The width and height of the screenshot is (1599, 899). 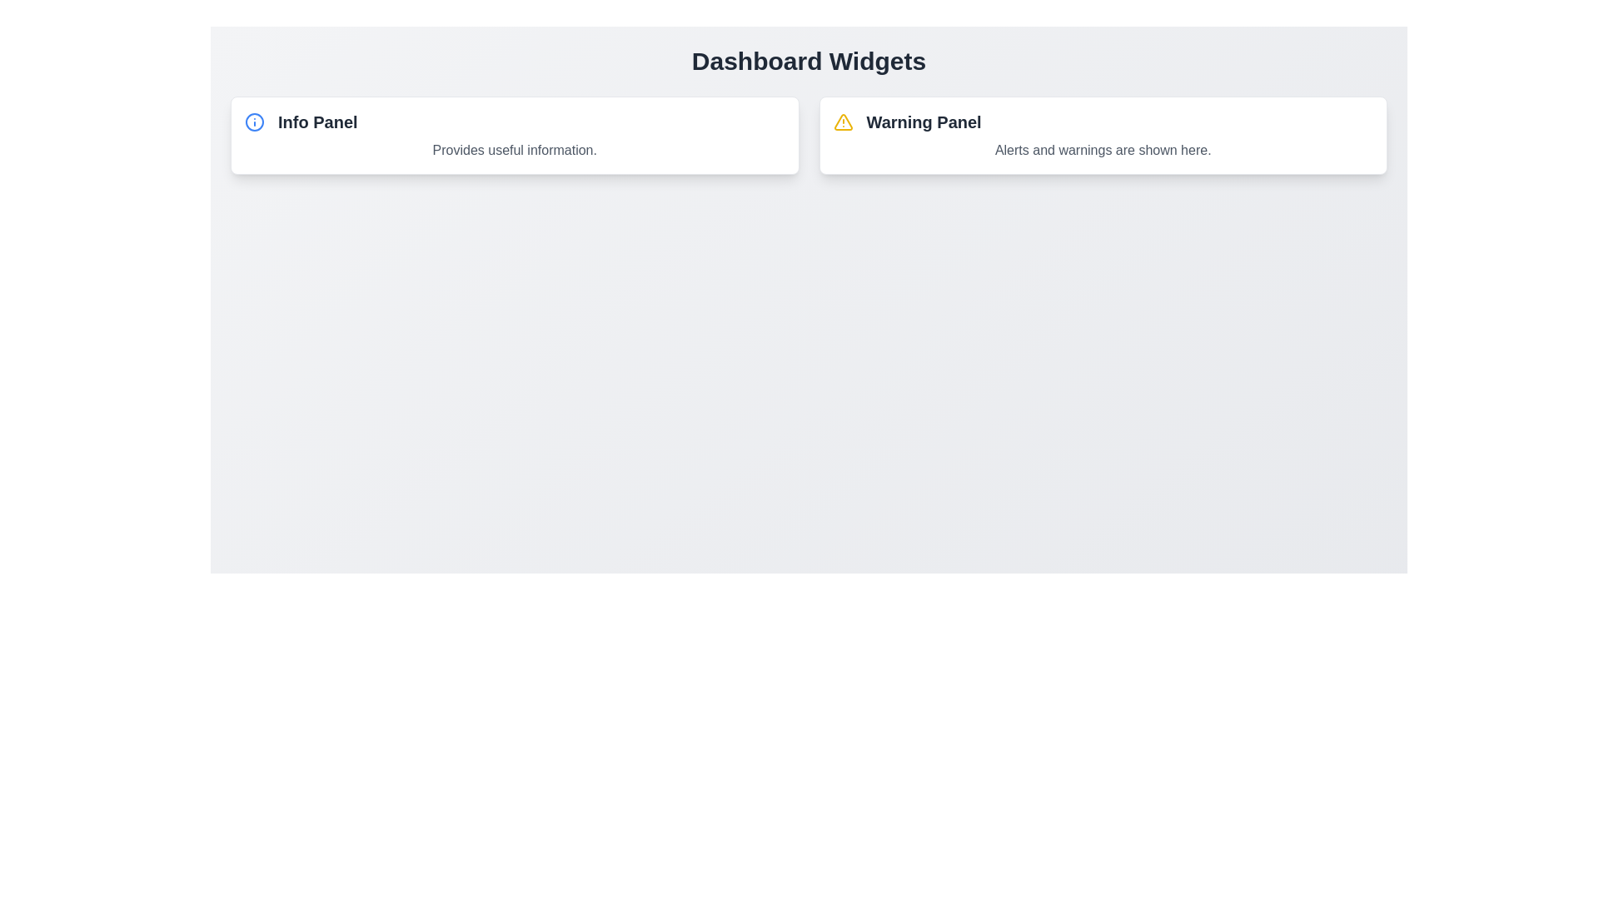 What do you see at coordinates (923, 121) in the screenshot?
I see `the text label reading 'Warning Panel' styled with a bold, large font in a dark gray color, which is located in the right-side panel adjacent to the 'Info Panel'` at bounding box center [923, 121].